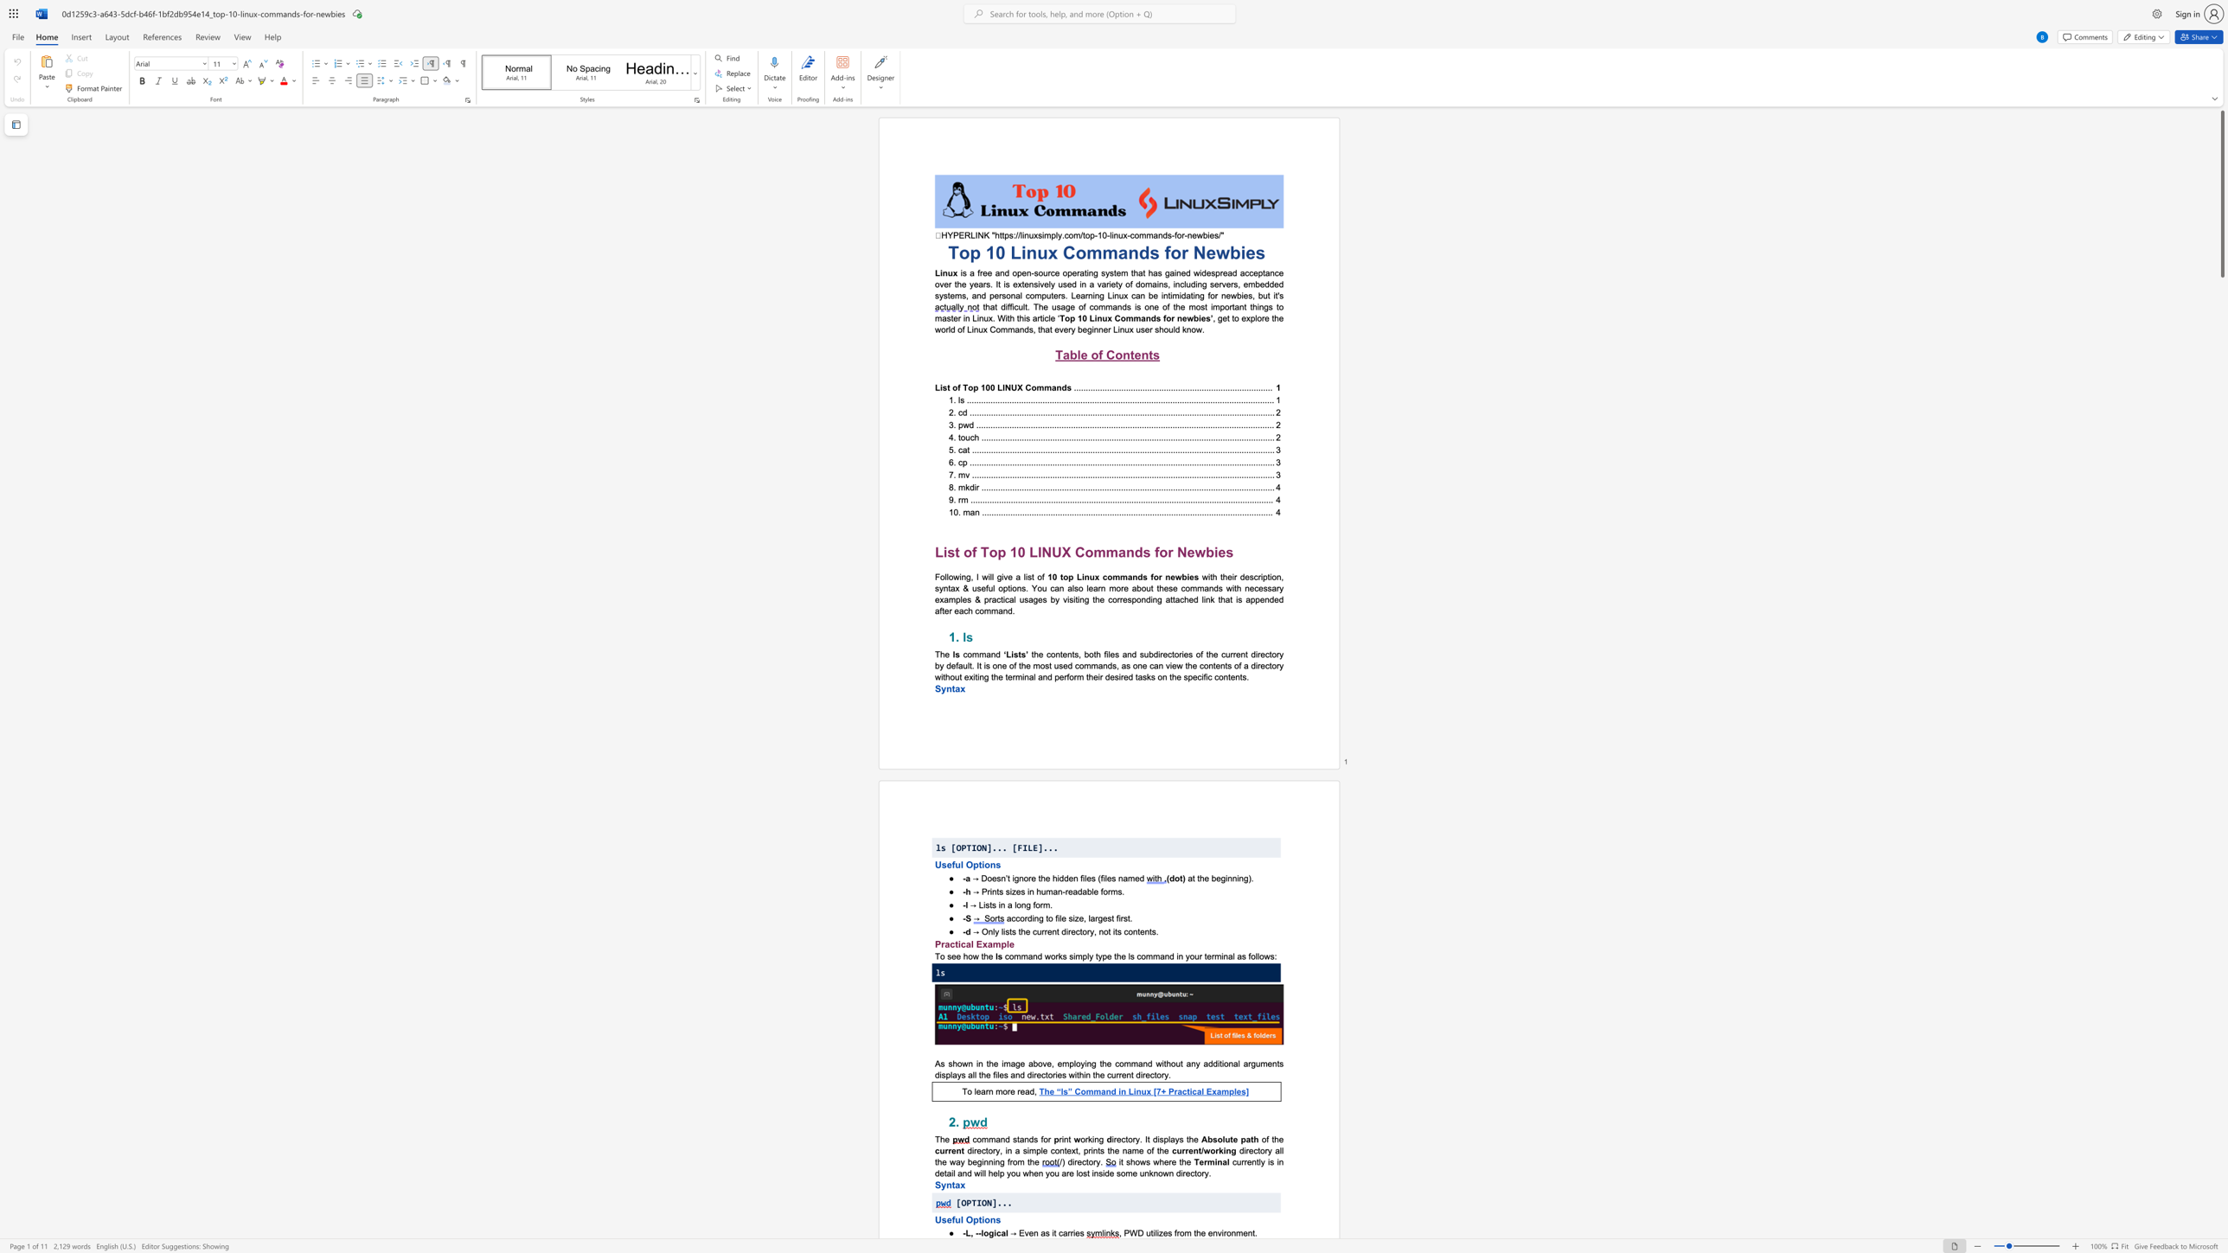  Describe the element at coordinates (1024, 1231) in the screenshot. I see `the subset text "ven a" within the text "→ Even as it carries"` at that location.